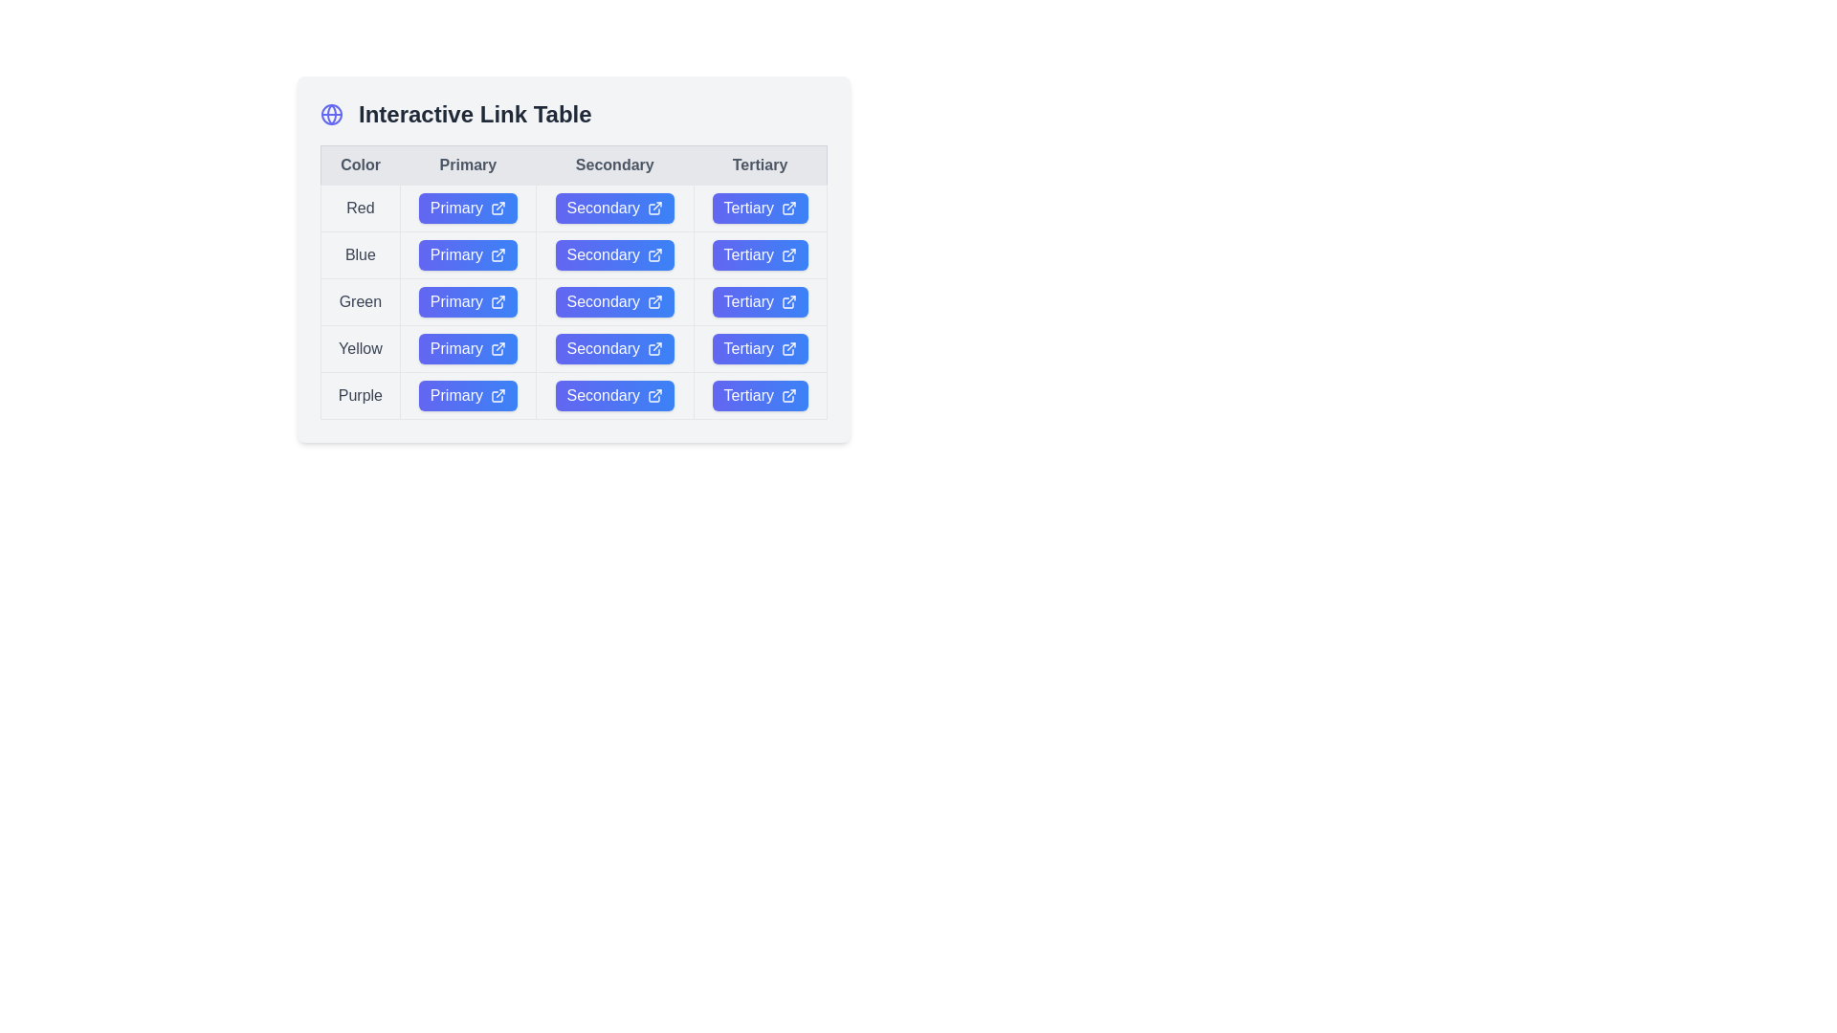  I want to click on the 'Secondary' button in the 'Green' category, so click(614, 301).